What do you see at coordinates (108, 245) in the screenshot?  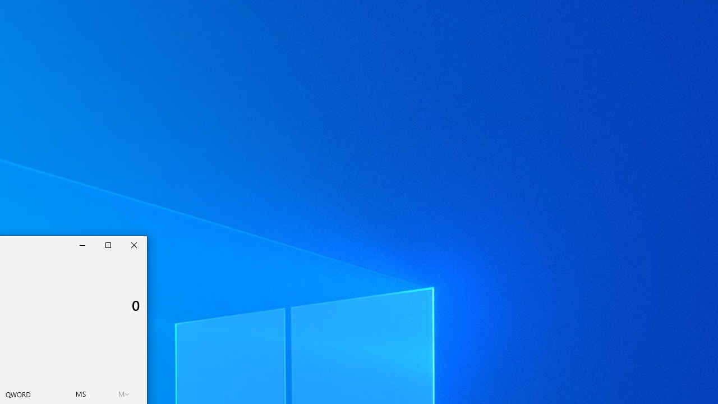 I see `'Maximize Calculator'` at bounding box center [108, 245].